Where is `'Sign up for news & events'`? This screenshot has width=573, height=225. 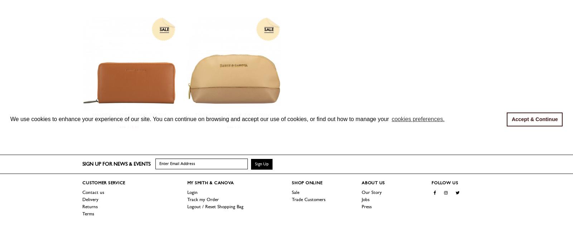 'Sign up for news & events' is located at coordinates (116, 164).